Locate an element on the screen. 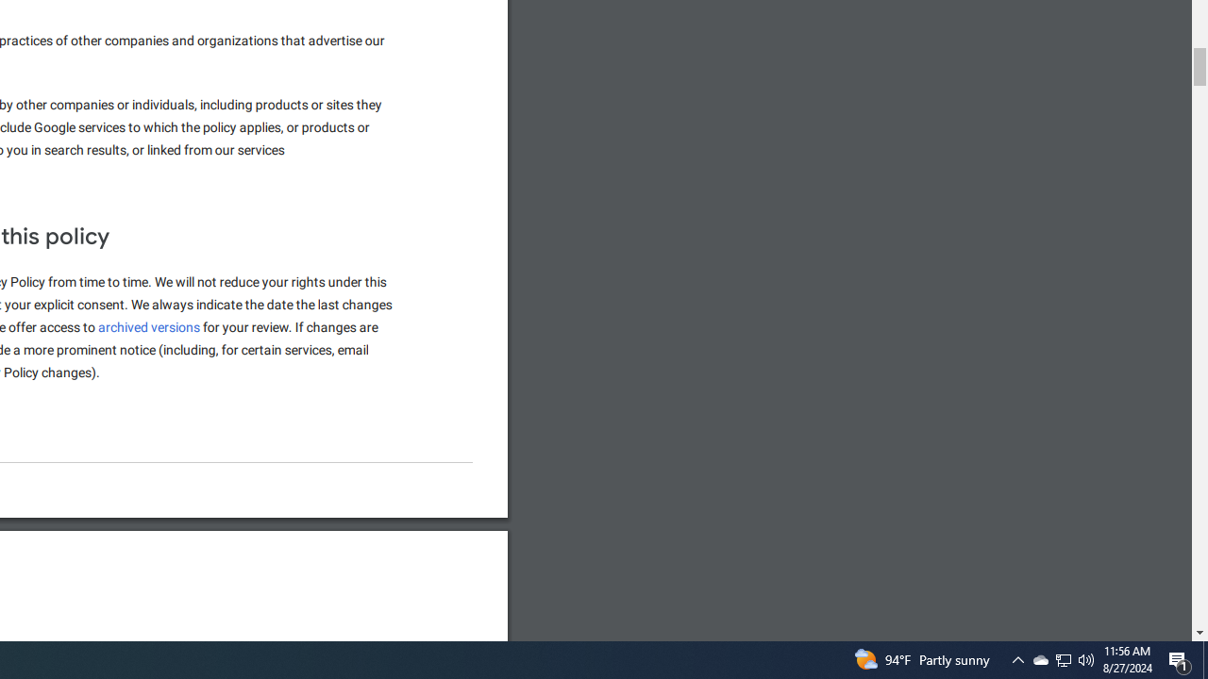 This screenshot has height=679, width=1208. 'archived versions' is located at coordinates (148, 326).